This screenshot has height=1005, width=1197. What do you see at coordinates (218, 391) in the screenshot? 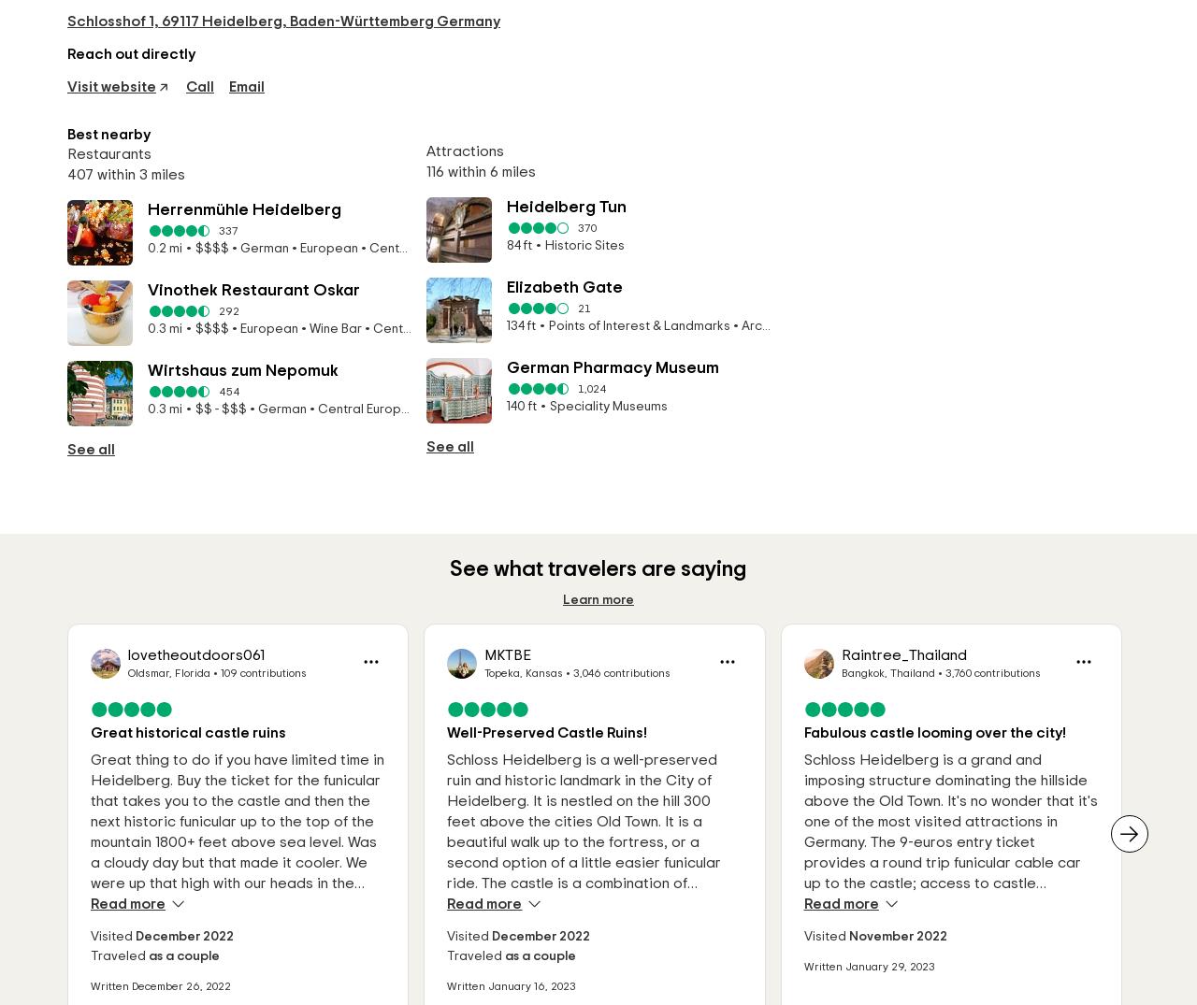
I see `'454'` at bounding box center [218, 391].